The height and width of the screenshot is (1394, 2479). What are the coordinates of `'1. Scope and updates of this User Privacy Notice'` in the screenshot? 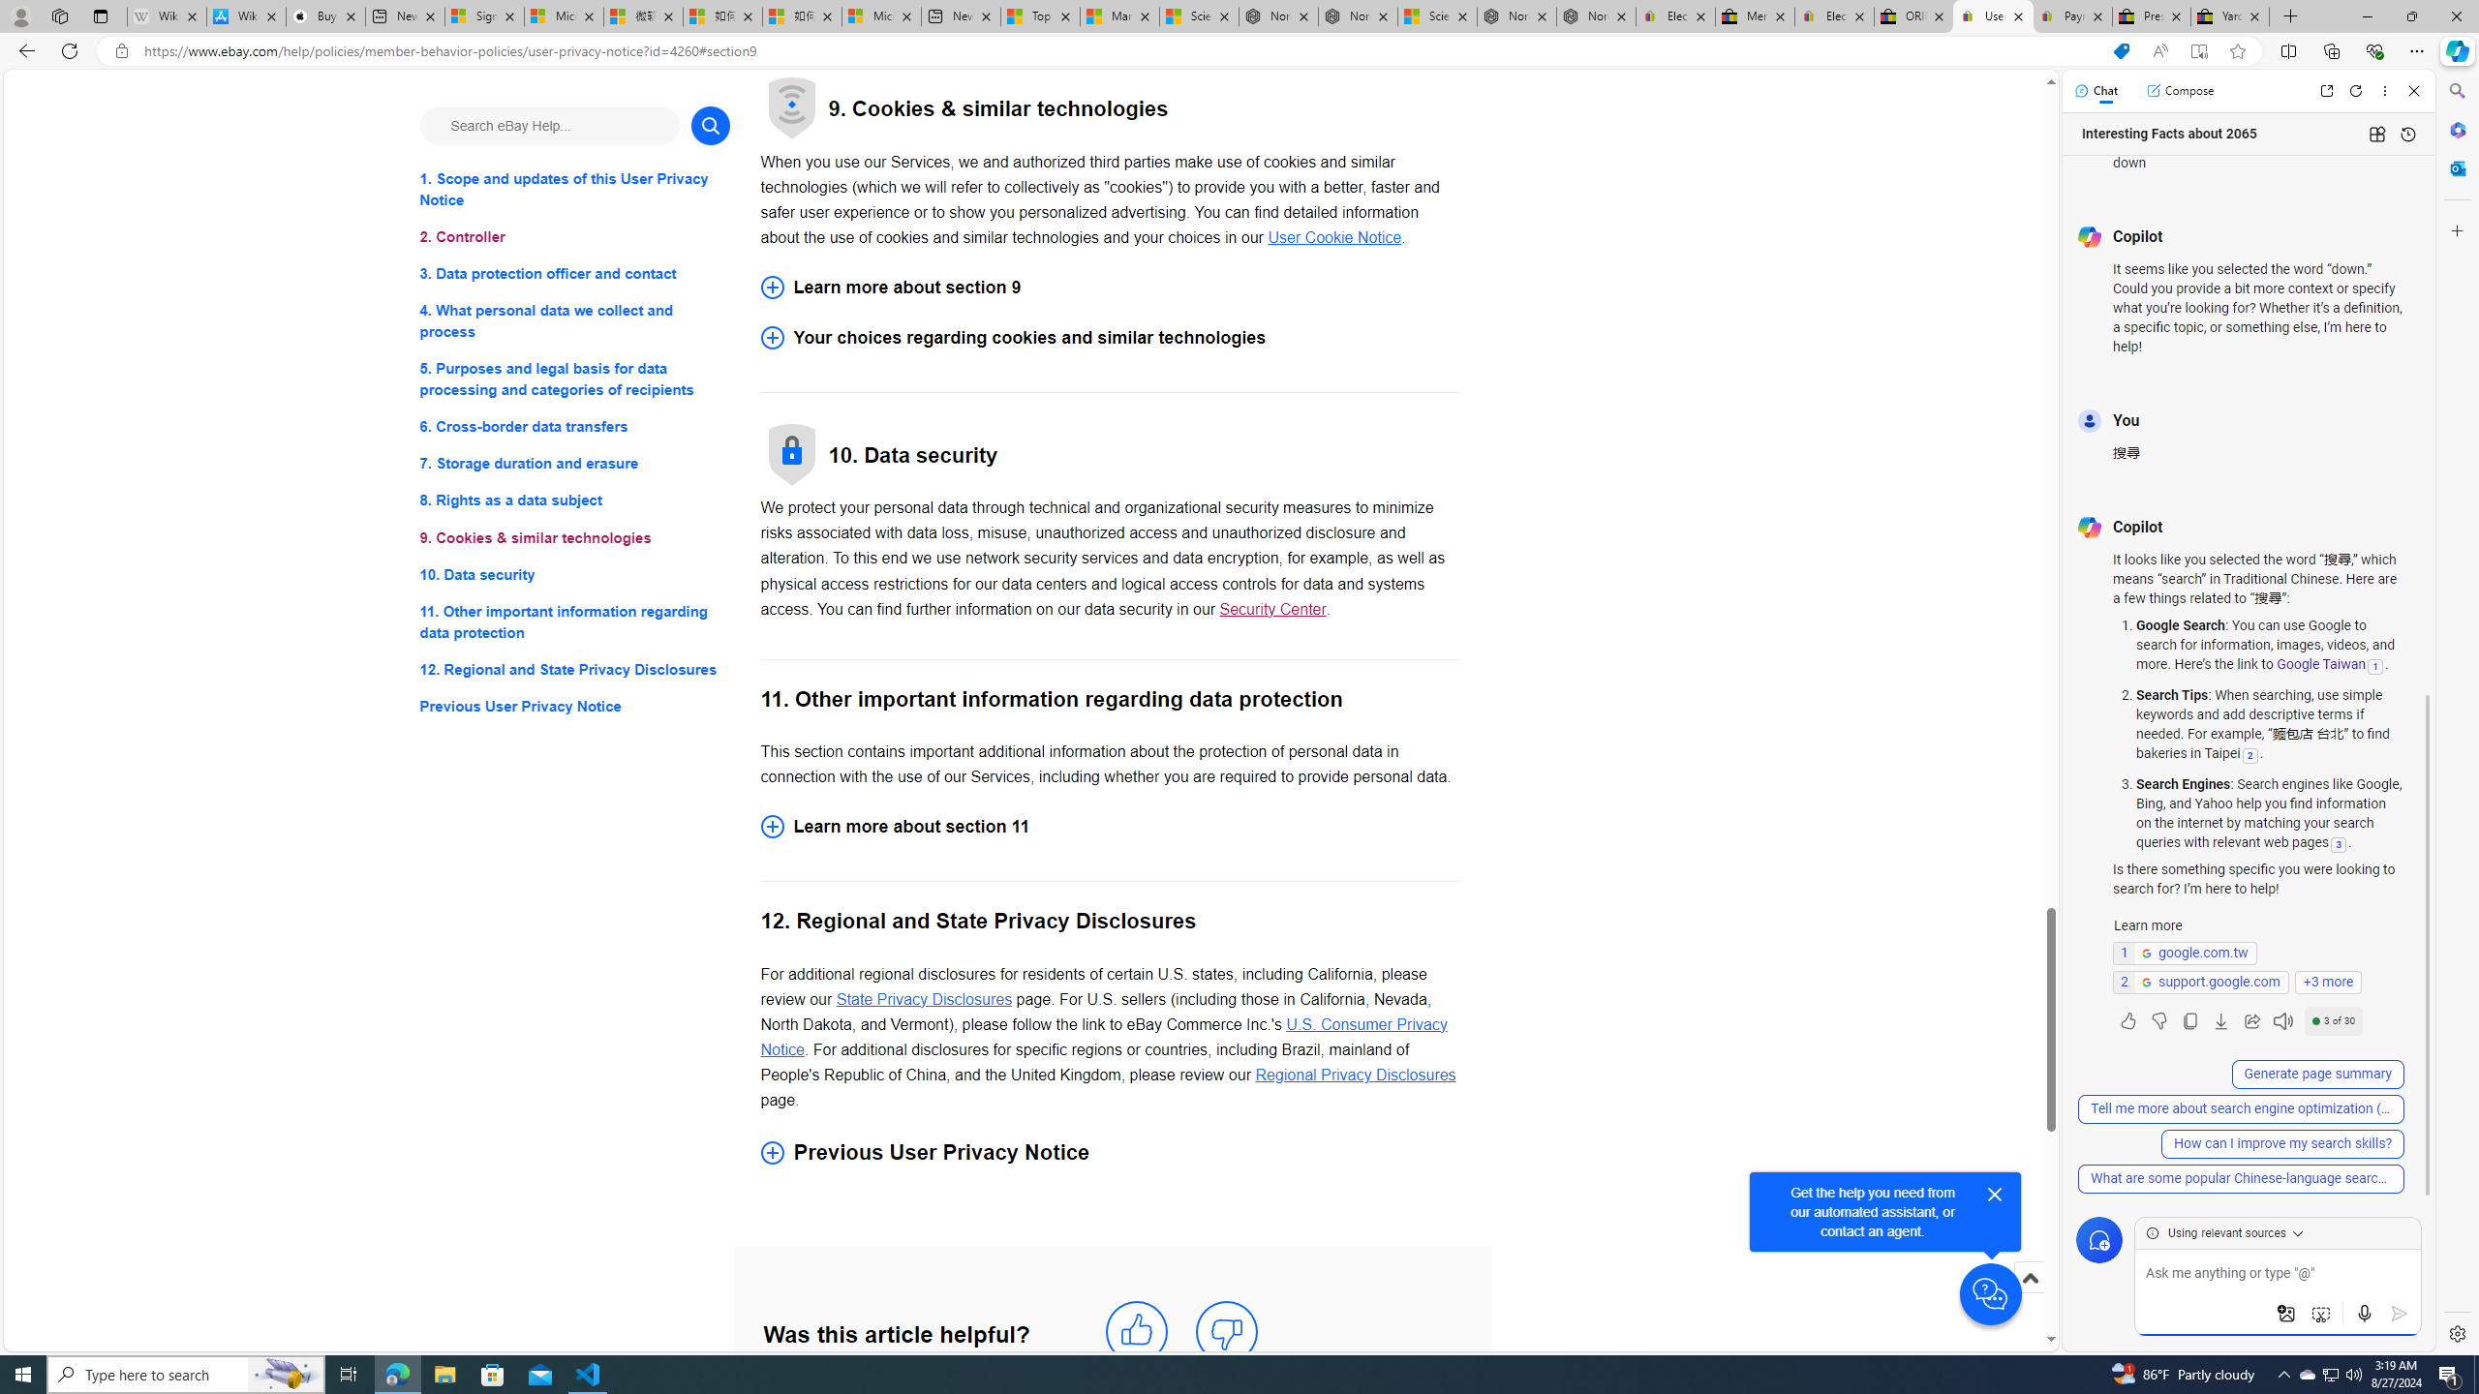 It's located at (573, 189).